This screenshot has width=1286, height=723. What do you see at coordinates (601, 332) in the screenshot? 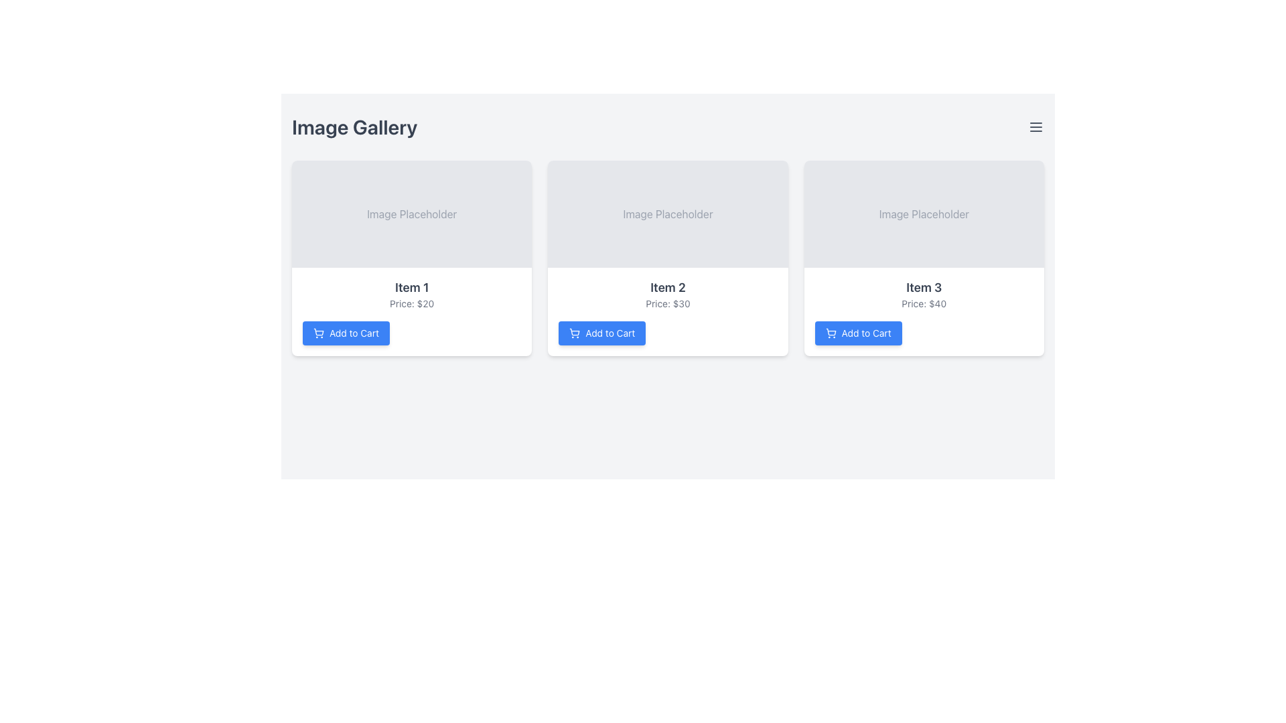
I see `the 'Add to Cart' button for 'Item 2' to interact` at bounding box center [601, 332].